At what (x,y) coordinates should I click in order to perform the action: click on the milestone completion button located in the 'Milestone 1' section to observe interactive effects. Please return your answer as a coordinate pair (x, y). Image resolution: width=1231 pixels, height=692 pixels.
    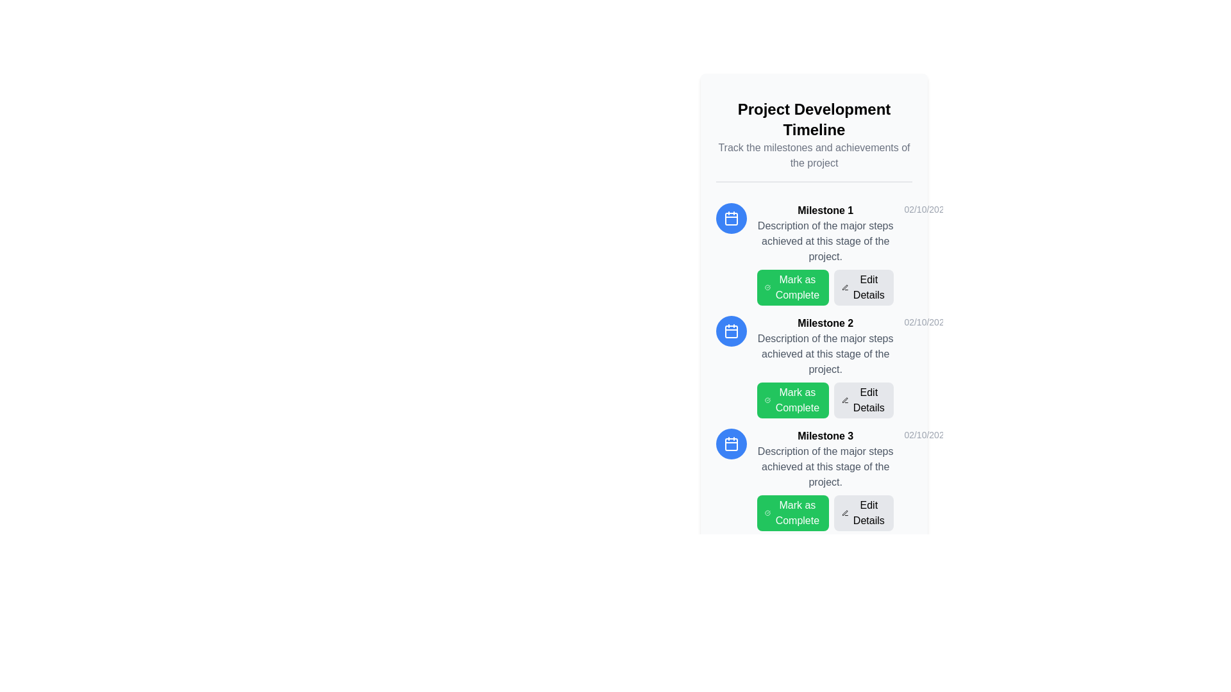
    Looking at the image, I should click on (825, 286).